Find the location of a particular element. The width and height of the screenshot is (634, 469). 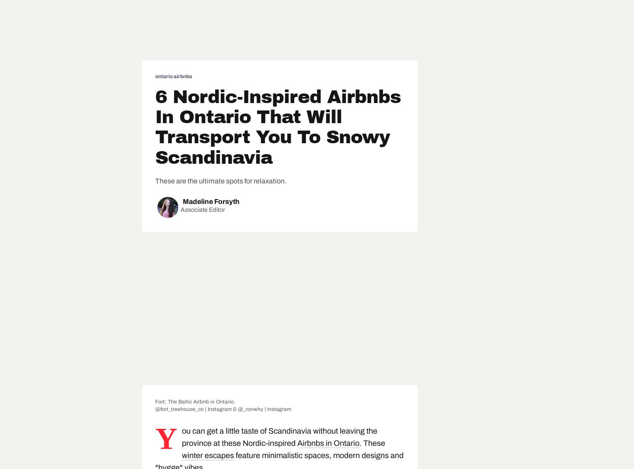

'Fort; The Baltic Airbnb in Ontario.' is located at coordinates (195, 401).